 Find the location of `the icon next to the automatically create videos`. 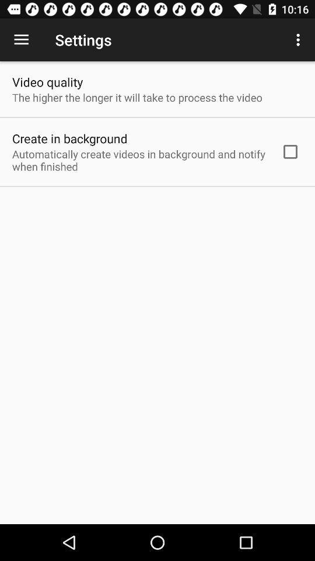

the icon next to the automatically create videos is located at coordinates (289, 151).